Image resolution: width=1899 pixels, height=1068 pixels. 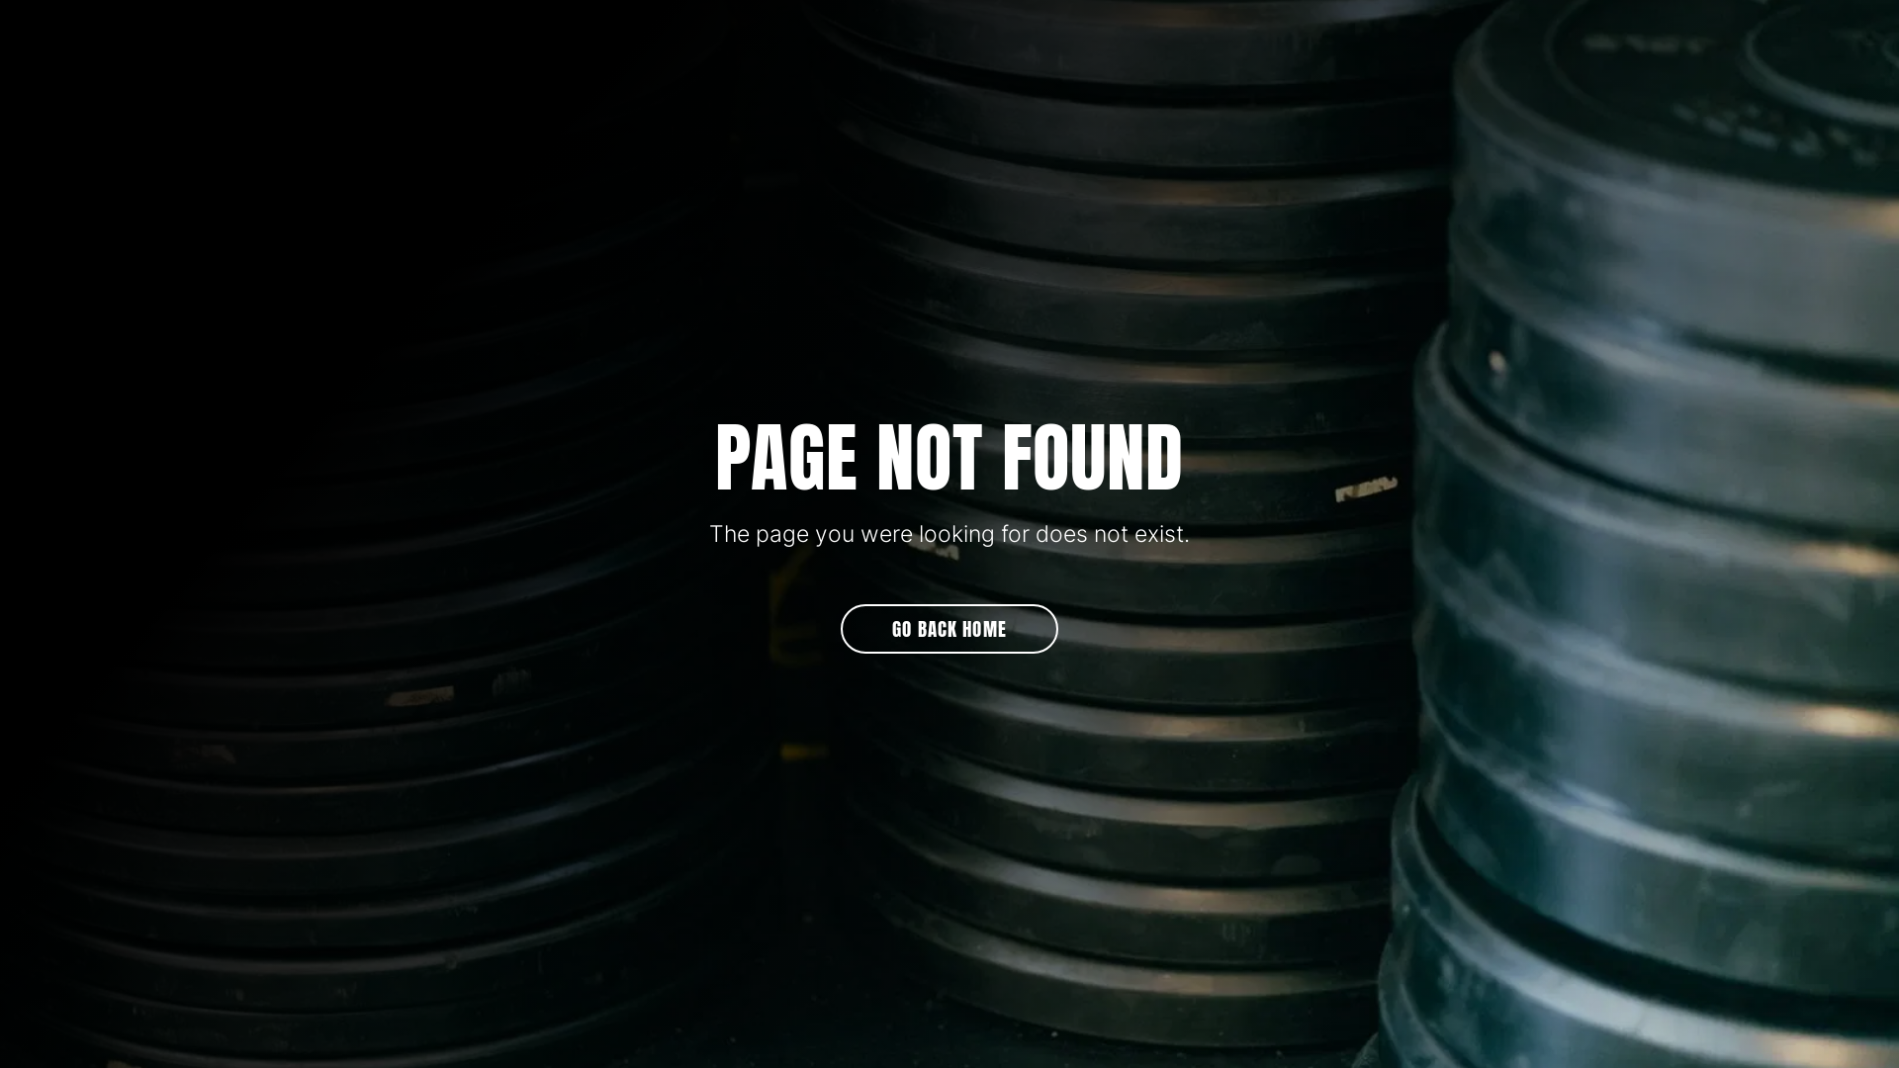 I want to click on 'GO BACK HOME', so click(x=949, y=629).